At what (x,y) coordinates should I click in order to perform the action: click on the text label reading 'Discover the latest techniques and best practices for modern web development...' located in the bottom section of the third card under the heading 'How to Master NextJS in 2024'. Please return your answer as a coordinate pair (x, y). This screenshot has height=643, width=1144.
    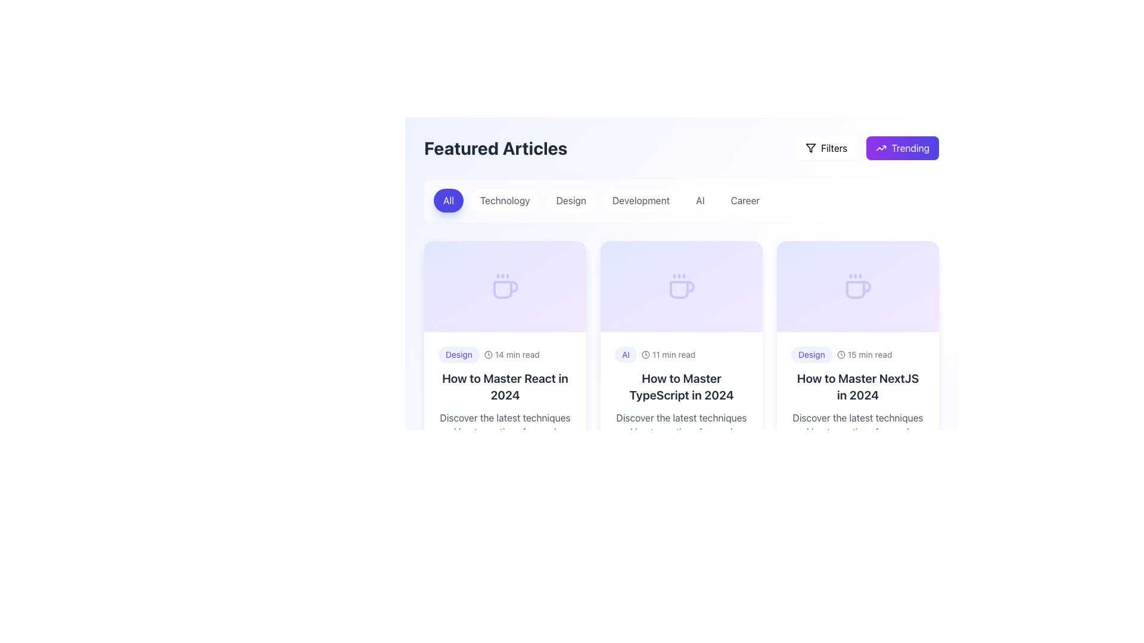
    Looking at the image, I should click on (858, 424).